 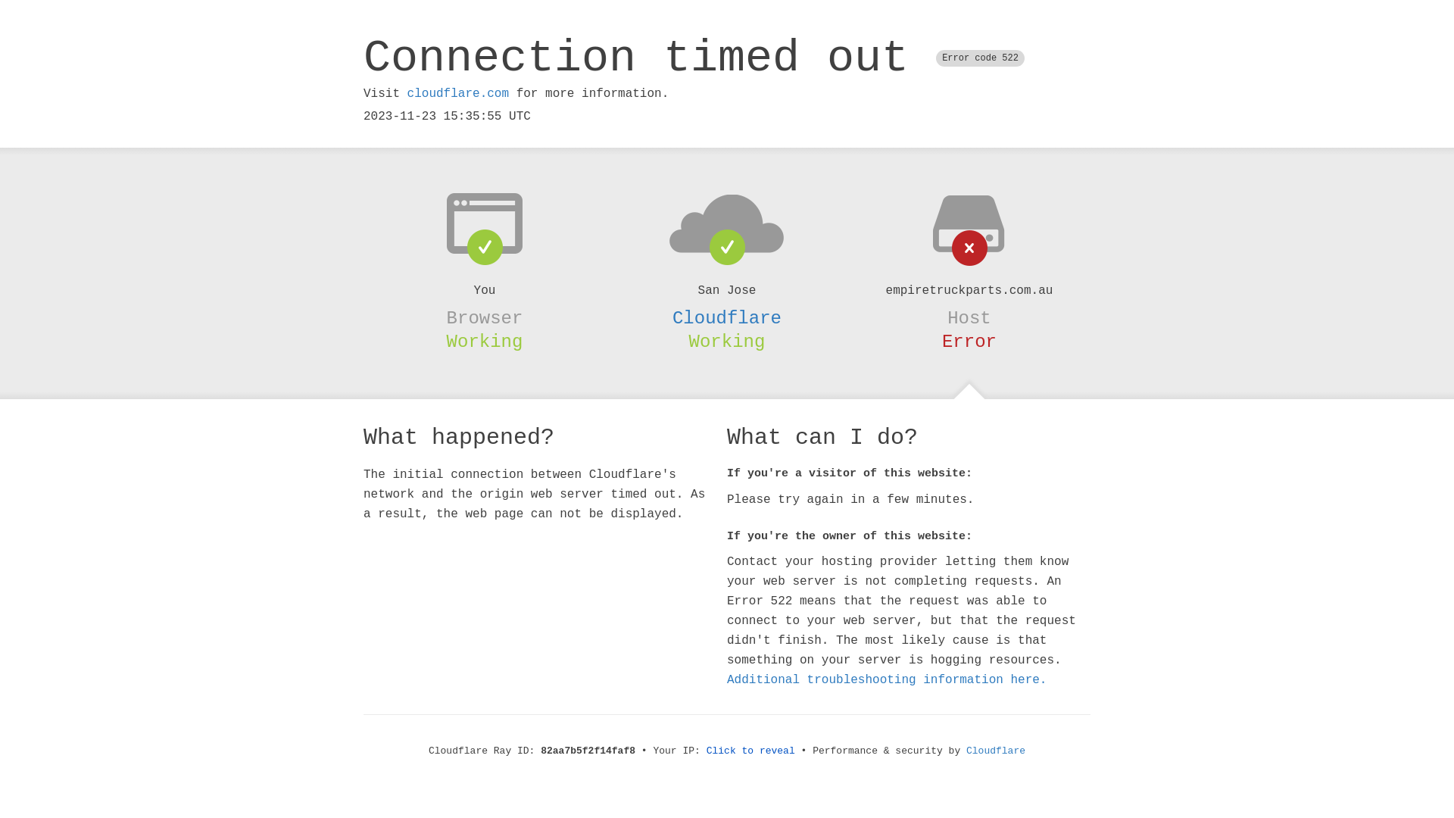 What do you see at coordinates (457, 93) in the screenshot?
I see `'cloudflare.com'` at bounding box center [457, 93].